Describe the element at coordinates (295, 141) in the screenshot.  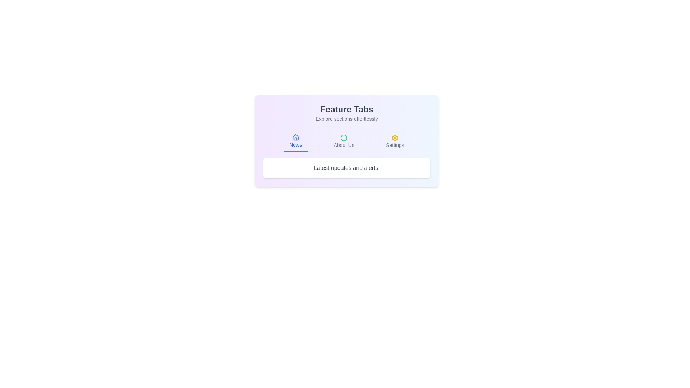
I see `the tab labeled News` at that location.